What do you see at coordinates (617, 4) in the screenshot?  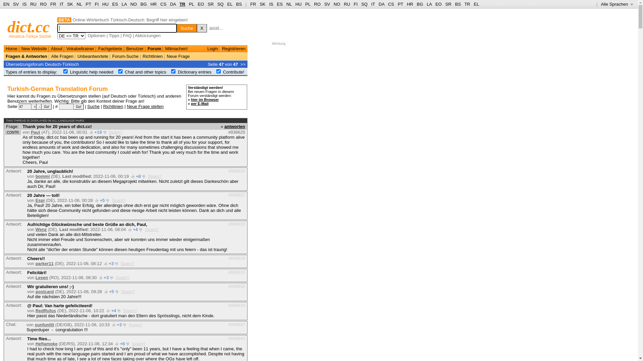 I see `'Alle Sprachen '` at bounding box center [617, 4].